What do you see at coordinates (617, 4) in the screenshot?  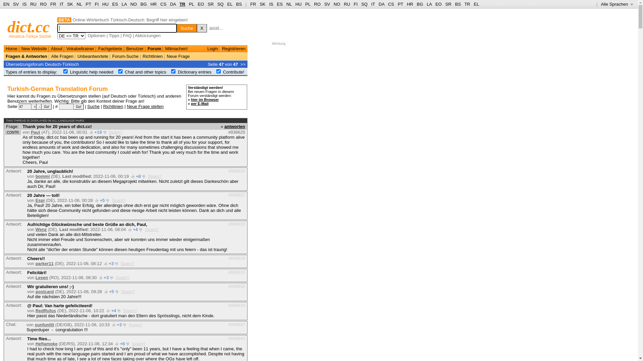 I see `'Alle Sprachen '` at bounding box center [617, 4].